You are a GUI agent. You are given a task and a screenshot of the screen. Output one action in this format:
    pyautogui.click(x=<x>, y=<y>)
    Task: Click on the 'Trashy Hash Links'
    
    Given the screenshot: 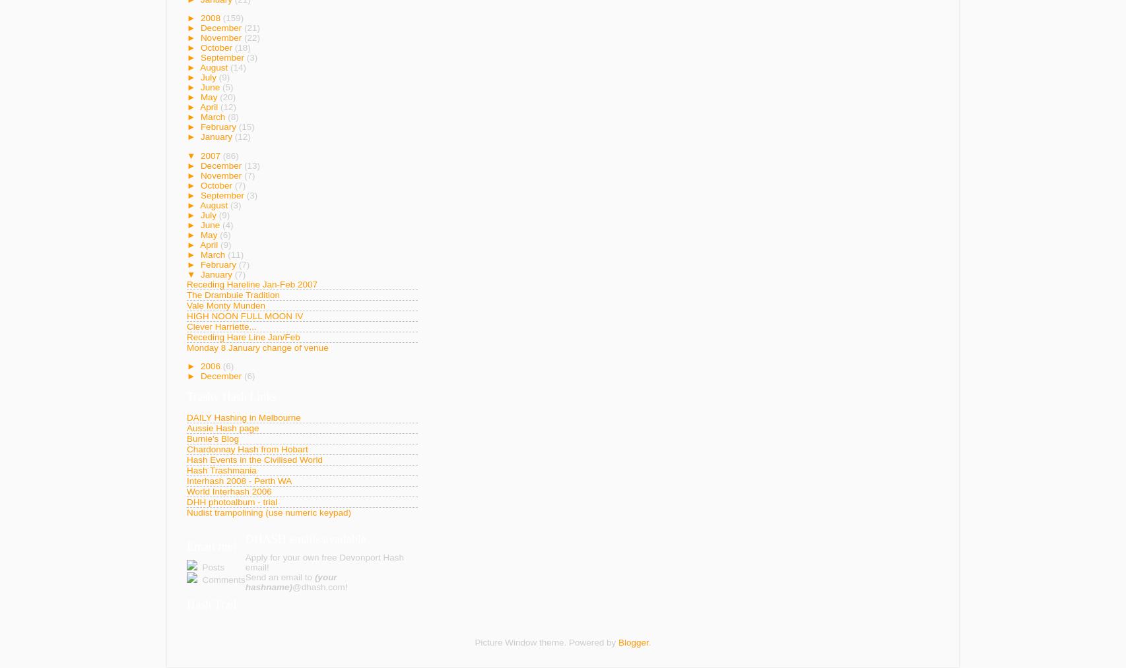 What is the action you would take?
    pyautogui.click(x=231, y=396)
    